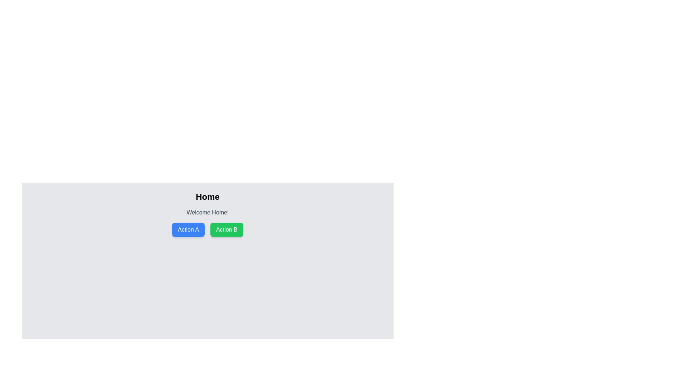  What do you see at coordinates (226, 230) in the screenshot?
I see `the green rectangular button labeled 'Action B'` at bounding box center [226, 230].